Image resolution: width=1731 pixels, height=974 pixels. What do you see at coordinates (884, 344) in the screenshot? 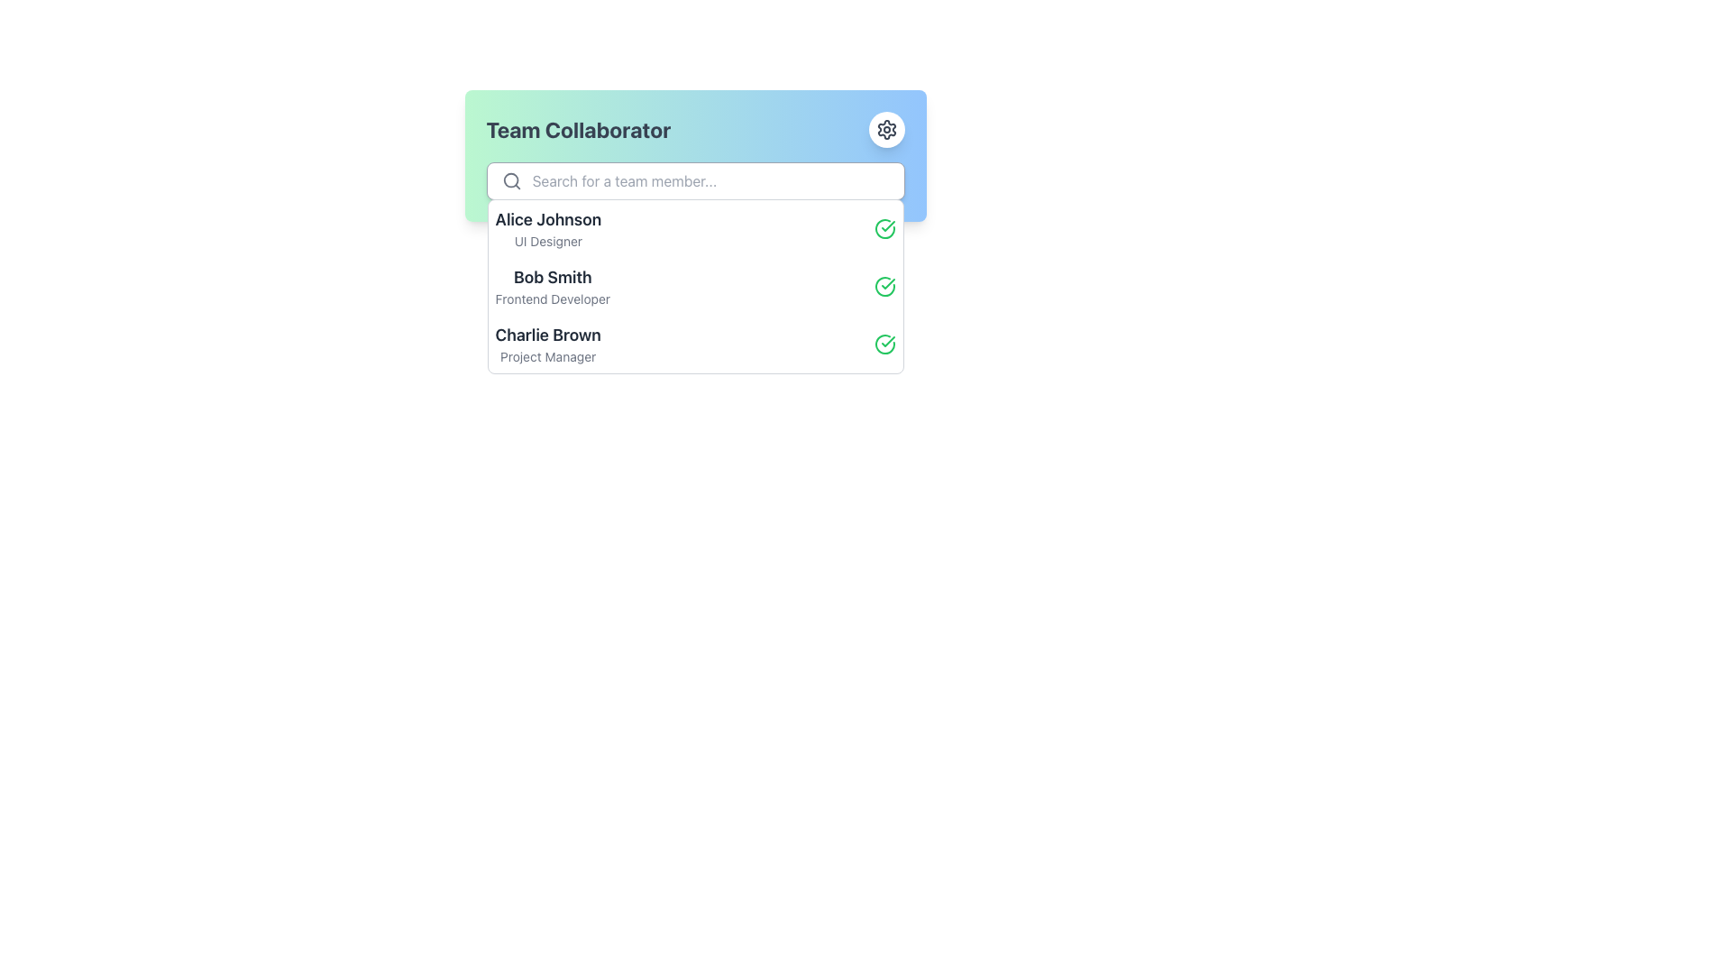
I see `the green circular icon with a checkmark inside, located to the far right of the entry labeled 'Charlie Brown' under 'Project Manager'. This icon is the third in the row of team member icons` at bounding box center [884, 344].